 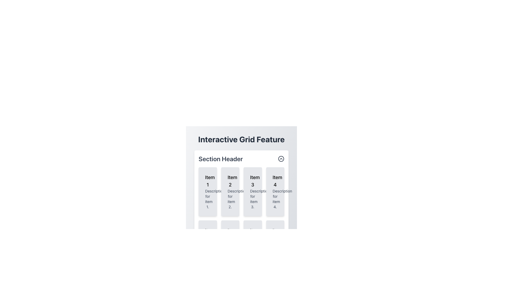 I want to click on the decorative SVG circle element located centrally within the chevron-up-style icon in the header section of the interactive grid feature, so click(x=281, y=159).